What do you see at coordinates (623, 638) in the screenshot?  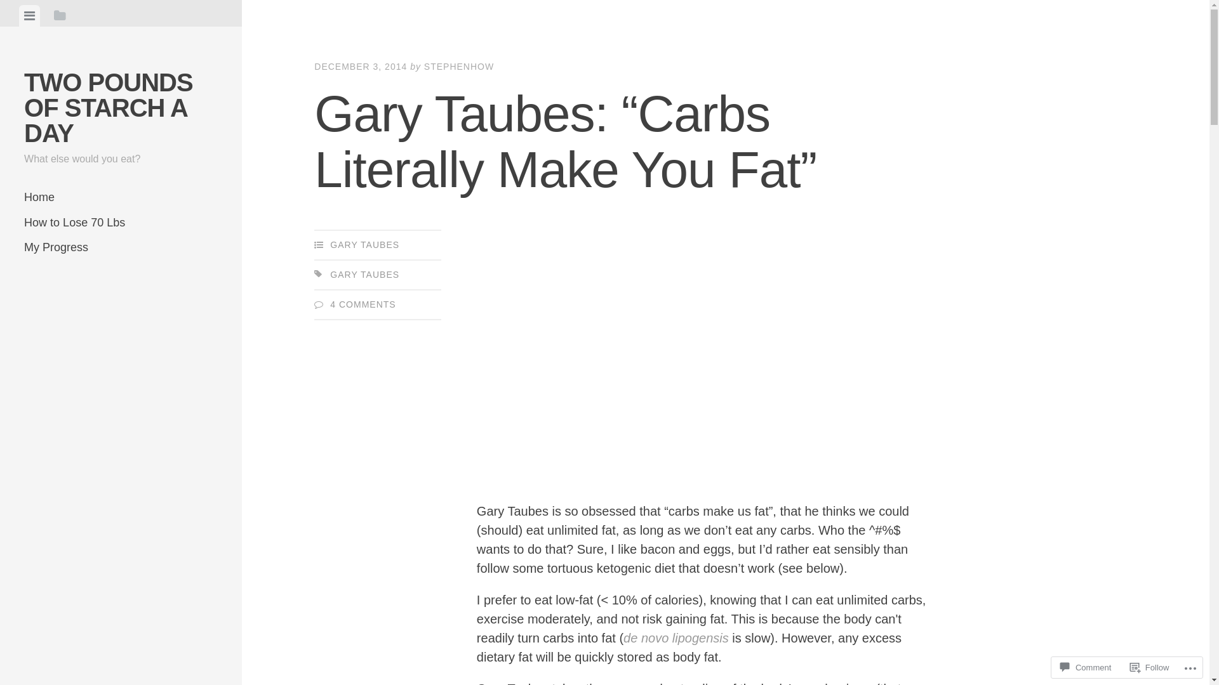 I see `'de novo lipogensis'` at bounding box center [623, 638].